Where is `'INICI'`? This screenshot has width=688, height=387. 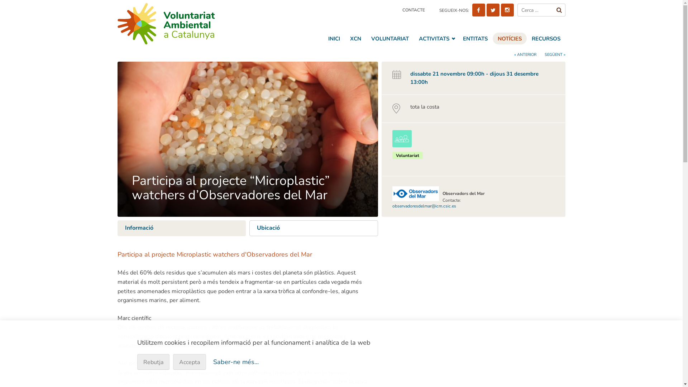 'INICI' is located at coordinates (334, 38).